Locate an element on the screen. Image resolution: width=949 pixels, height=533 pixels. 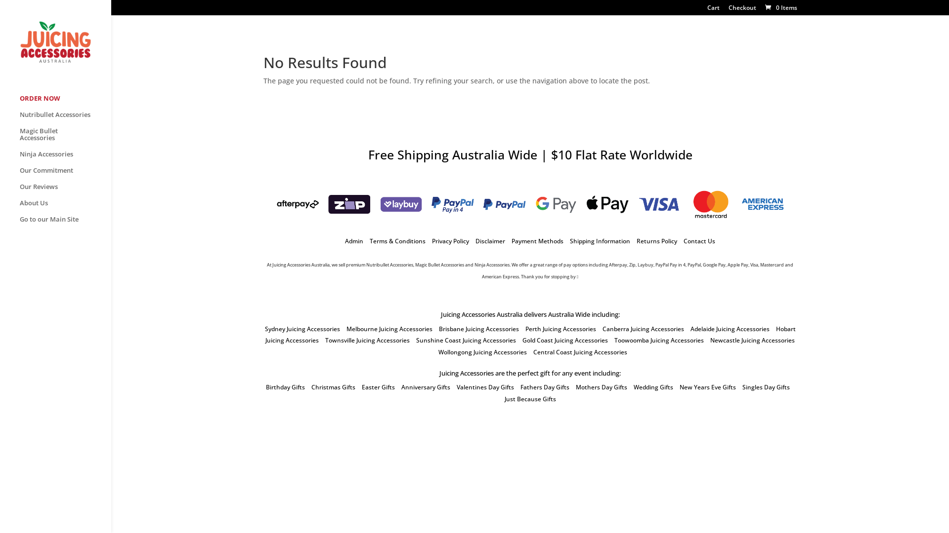
'Adelaide Juicing Accessories' is located at coordinates (730, 329).